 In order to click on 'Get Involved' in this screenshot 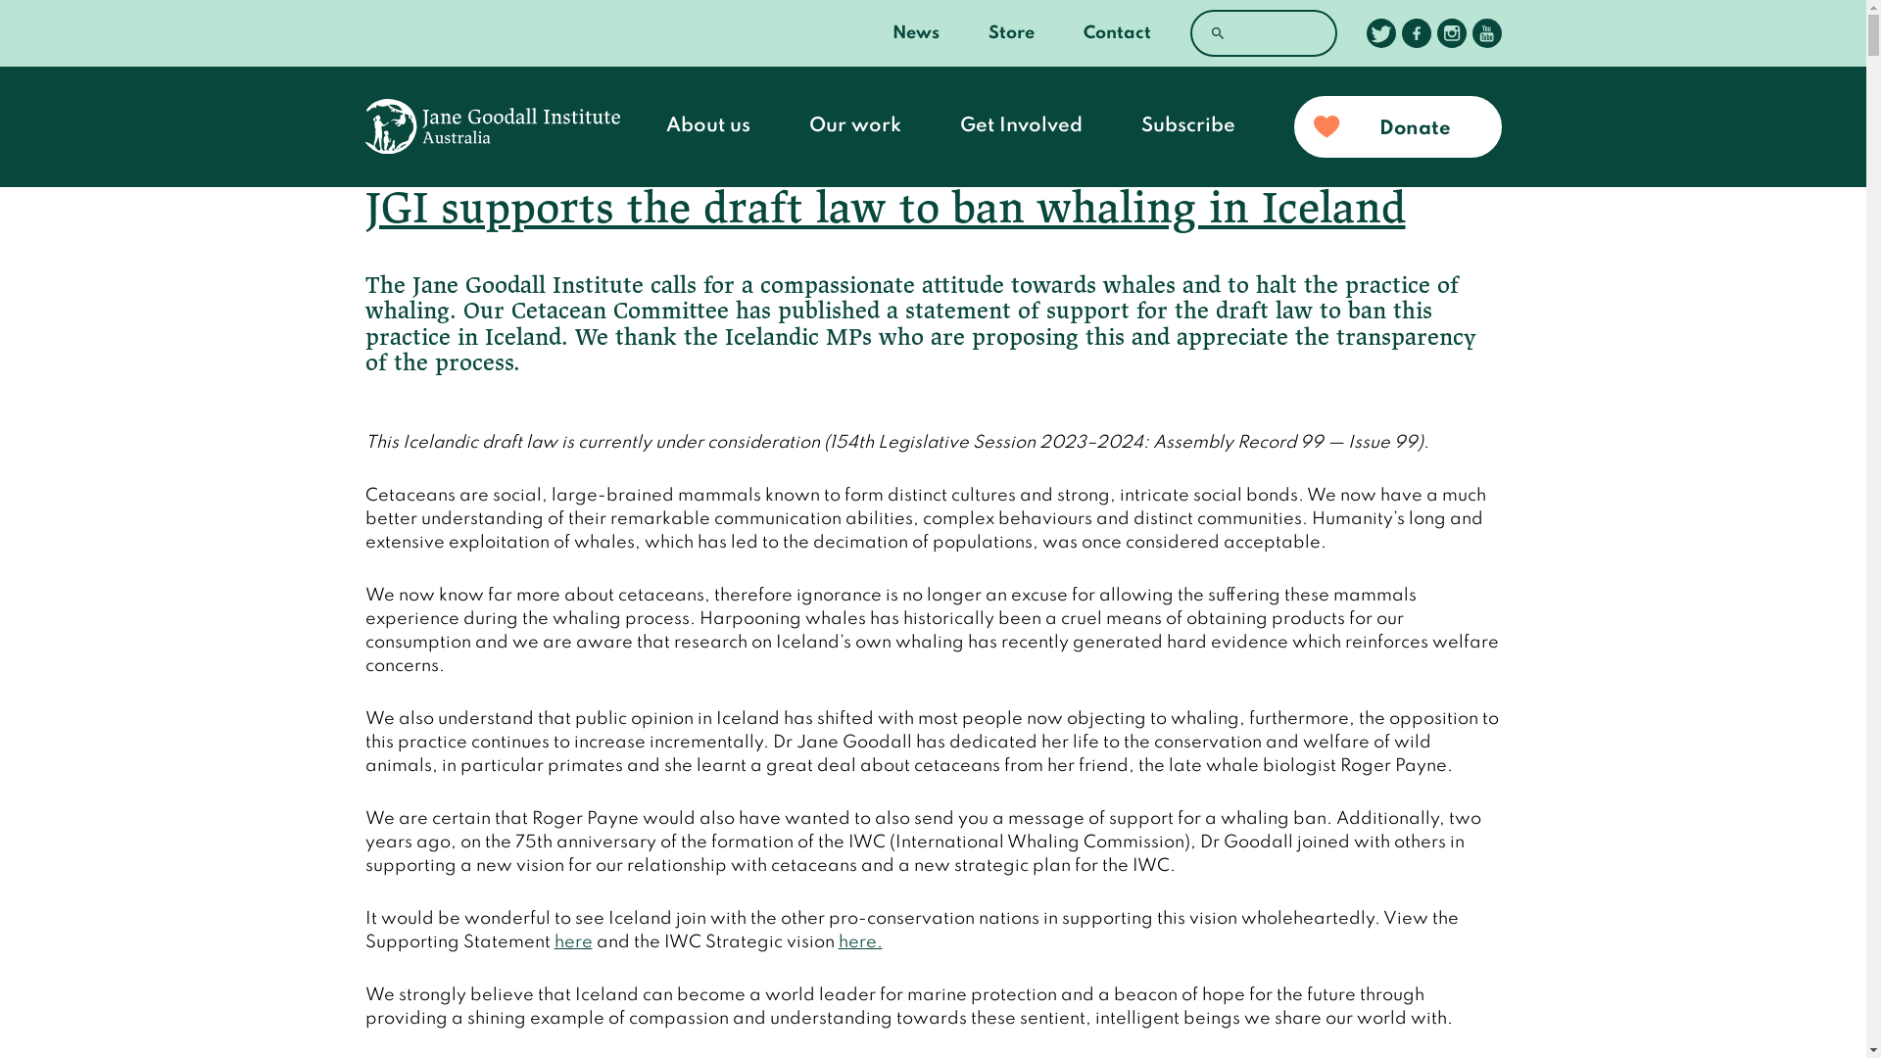, I will do `click(959, 125)`.